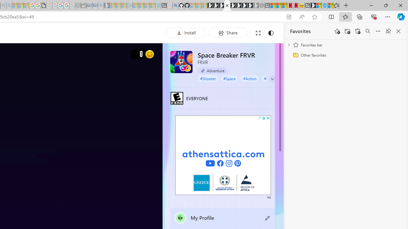 Image resolution: width=408 pixels, height=229 pixels. Describe the element at coordinates (212, 70) in the screenshot. I see `'Adventure'` at that location.